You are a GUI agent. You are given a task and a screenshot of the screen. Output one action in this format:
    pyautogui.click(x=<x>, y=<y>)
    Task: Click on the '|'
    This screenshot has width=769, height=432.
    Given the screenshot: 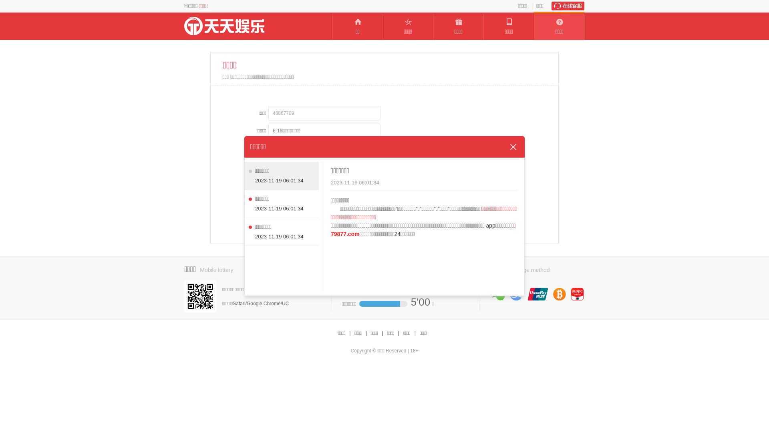 What is the action you would take?
    pyautogui.click(x=366, y=333)
    